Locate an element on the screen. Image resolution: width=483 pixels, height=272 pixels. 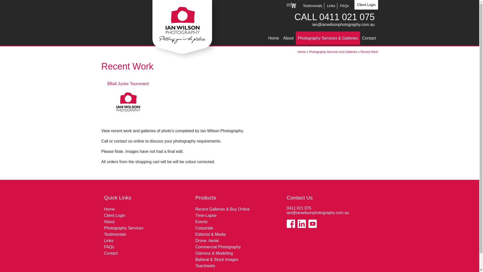
'Time-Lapse' is located at coordinates (195, 215).